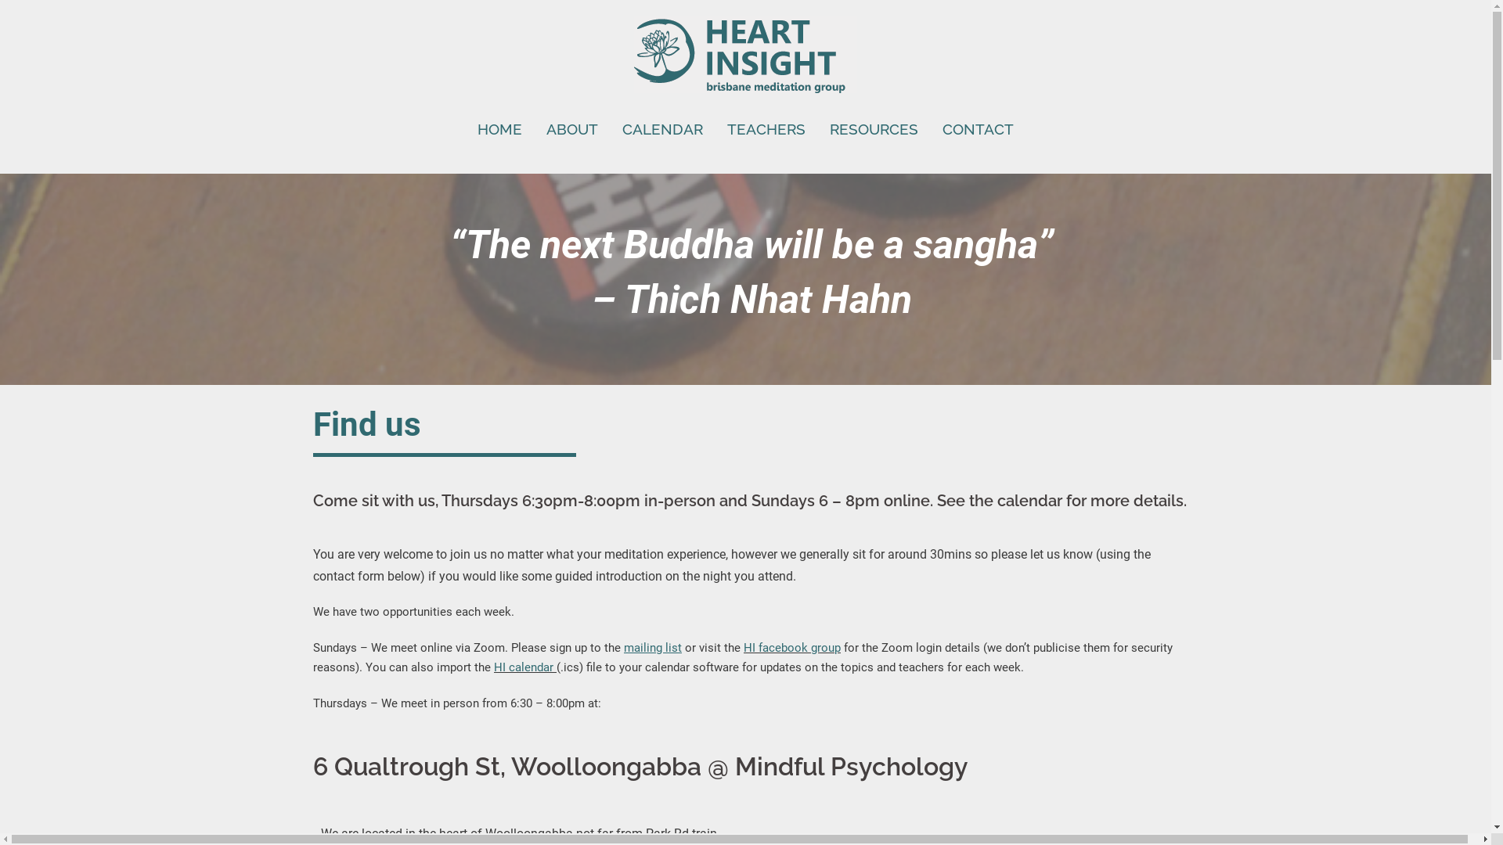  I want to click on 'CONTACT', so click(977, 128).